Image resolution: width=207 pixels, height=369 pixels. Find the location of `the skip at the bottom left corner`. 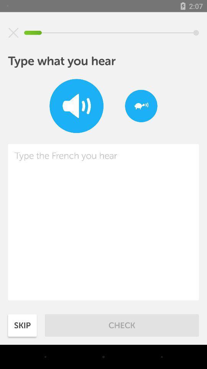

the skip at the bottom left corner is located at coordinates (22, 325).